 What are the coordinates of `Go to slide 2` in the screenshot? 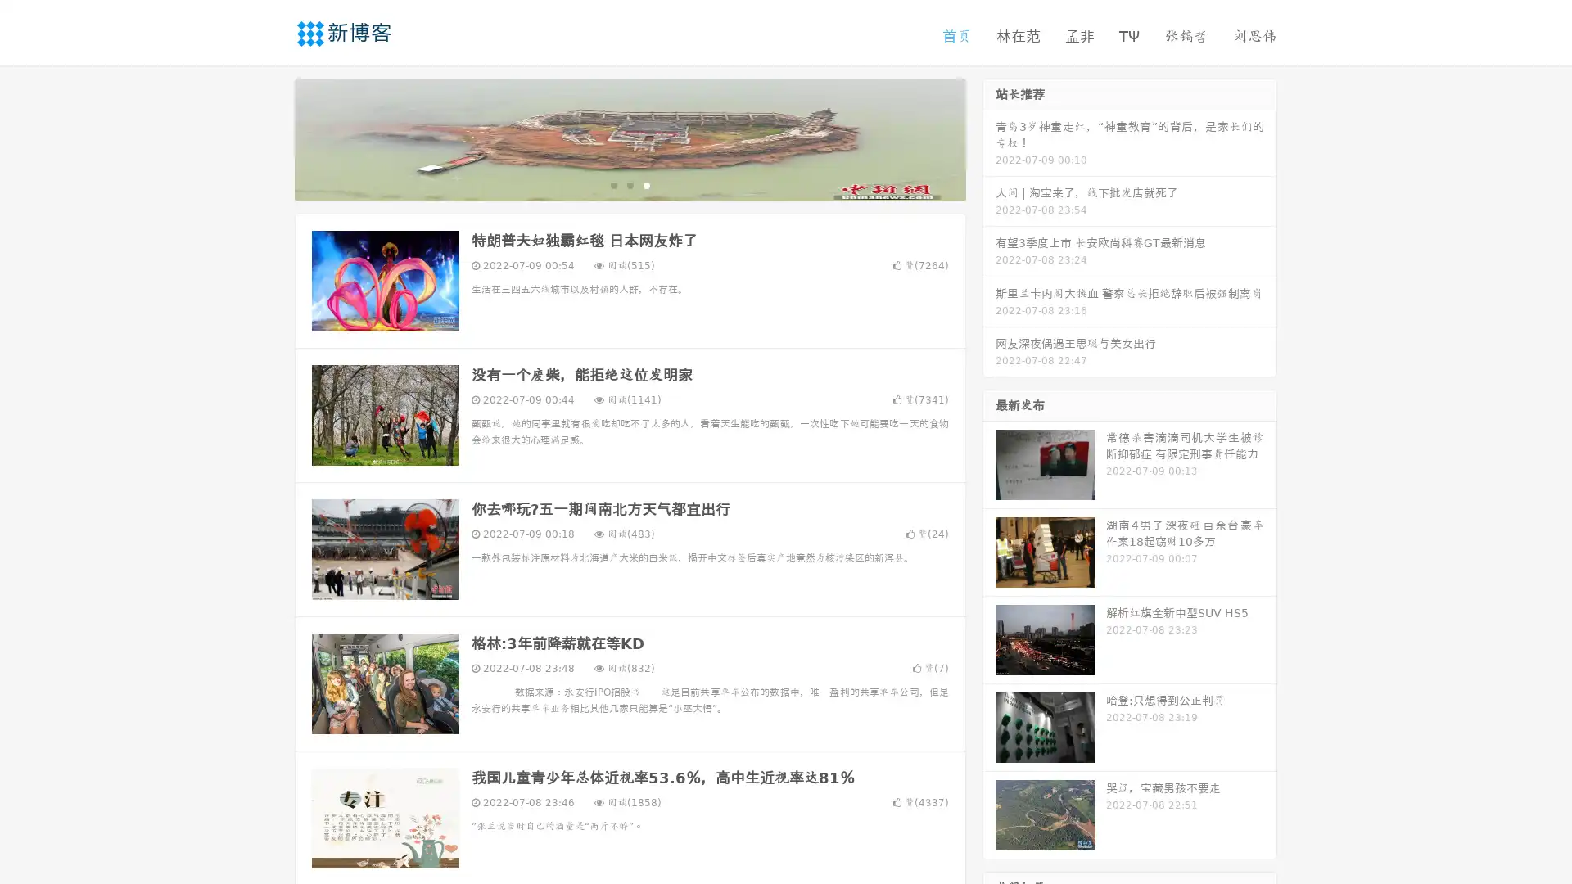 It's located at (629, 184).